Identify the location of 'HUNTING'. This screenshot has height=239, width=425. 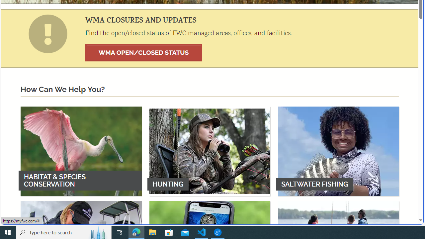
(210, 151).